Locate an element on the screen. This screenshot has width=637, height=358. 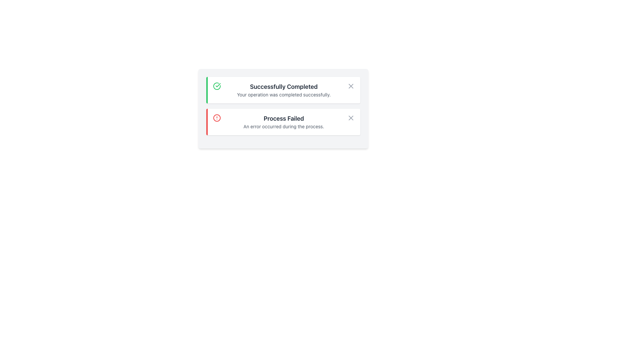
the small gray cross icon at the top-right of the 'Successfully Completed' notification card to inspect options is located at coordinates (350, 86).